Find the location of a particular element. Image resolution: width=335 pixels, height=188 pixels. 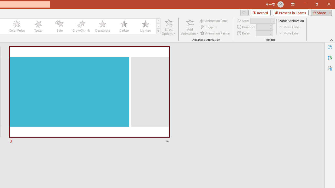

'Spin' is located at coordinates (59, 26).